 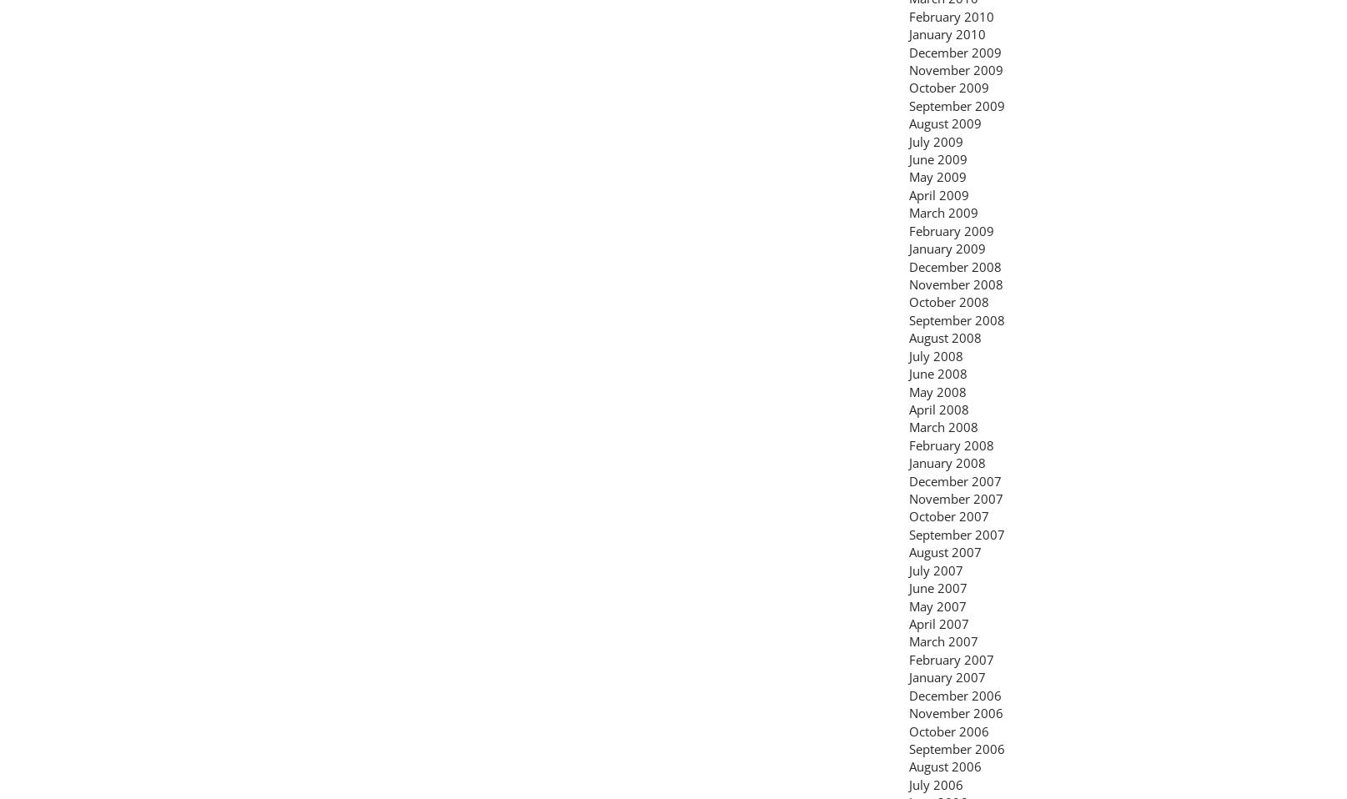 What do you see at coordinates (938, 624) in the screenshot?
I see `'April 2007'` at bounding box center [938, 624].